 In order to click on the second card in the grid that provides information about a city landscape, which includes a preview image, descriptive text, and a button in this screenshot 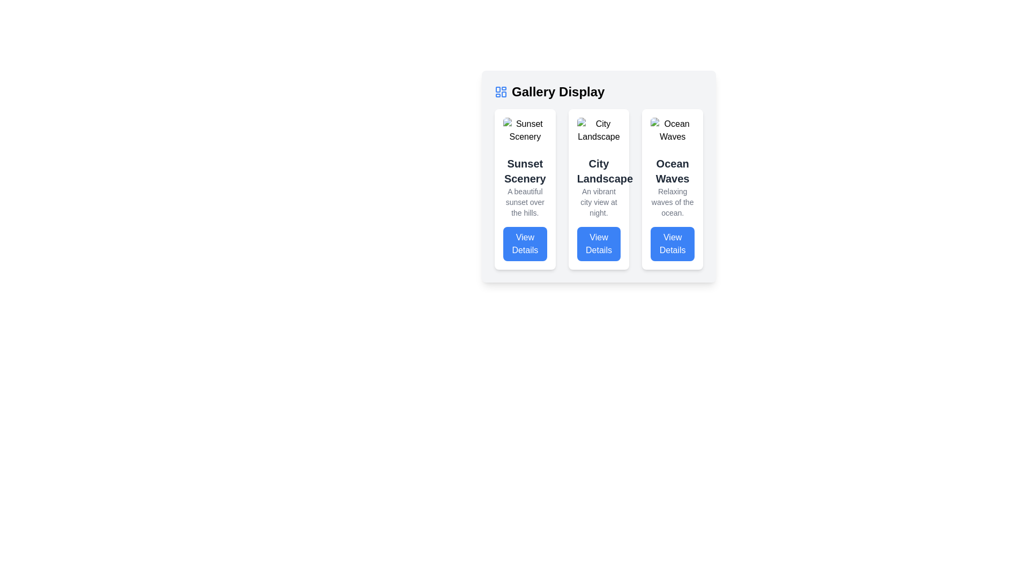, I will do `click(598, 189)`.